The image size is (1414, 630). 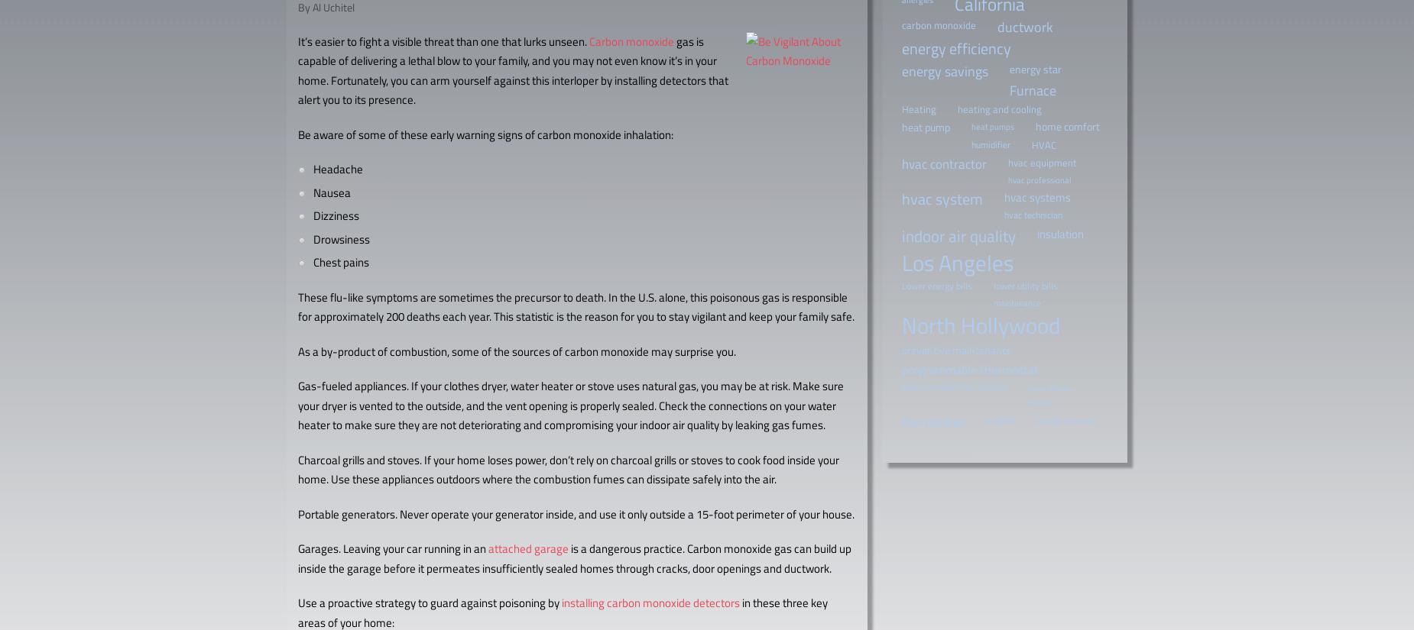 I want to click on 'If your home loses power, don’t rely on charcoal grills or stoves to cook food inside your home. Use these appliances outdoors where the combustion fumes can dissipate safely into the air.', so click(x=569, y=469).